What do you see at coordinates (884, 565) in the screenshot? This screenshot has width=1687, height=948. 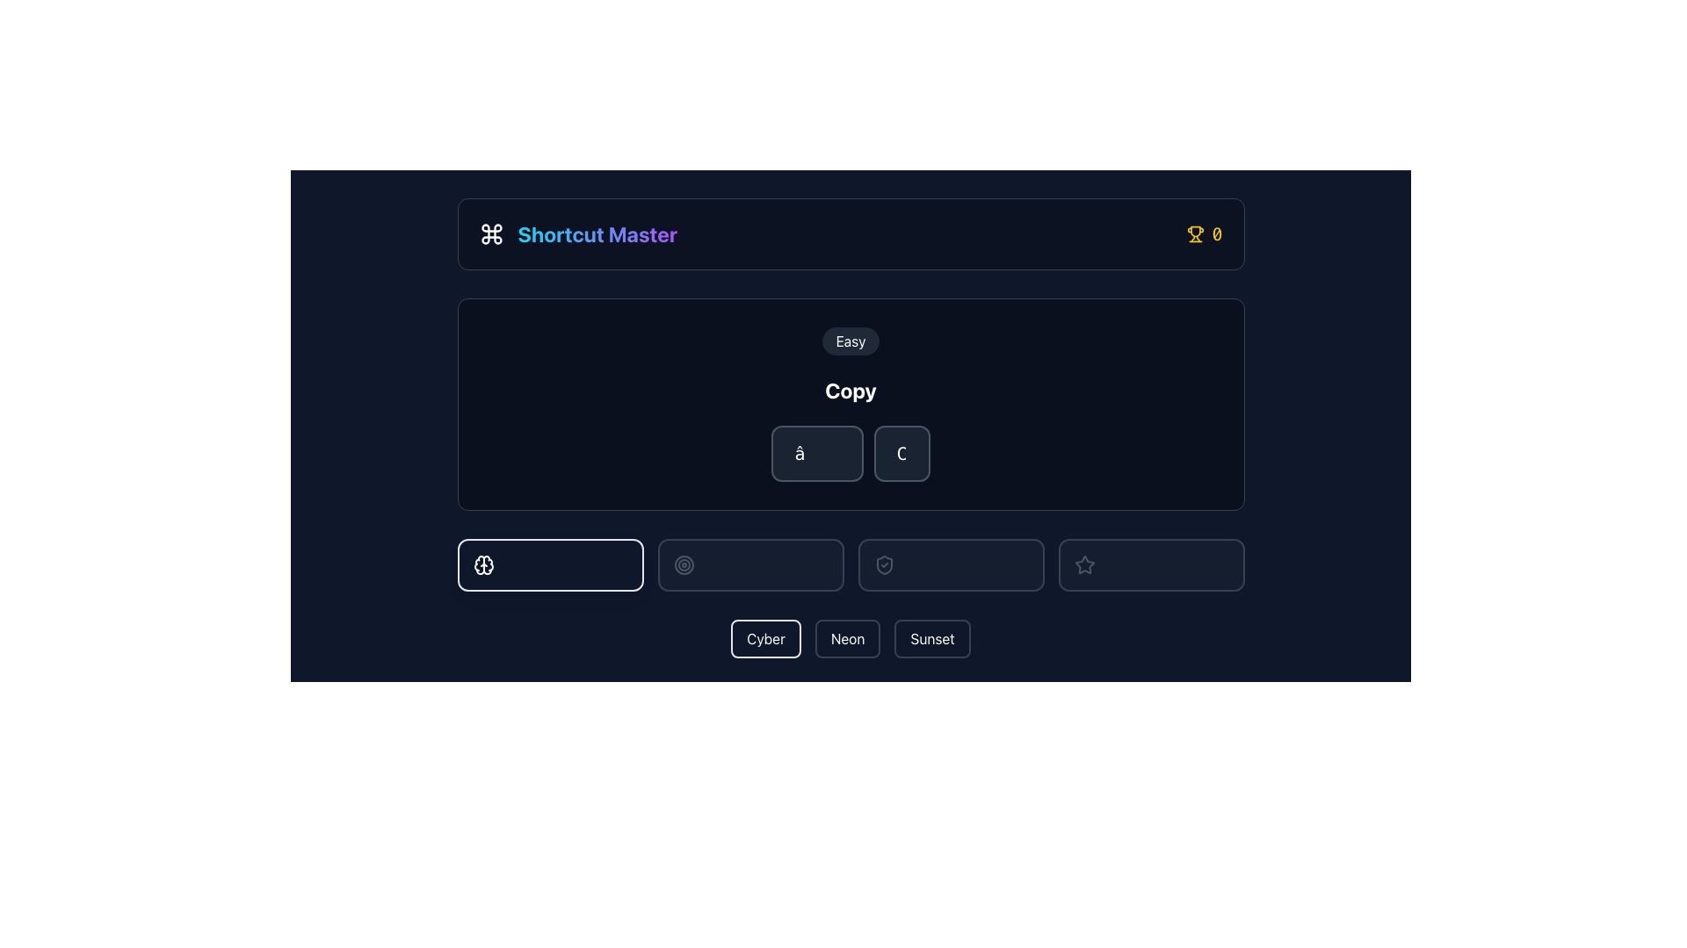 I see `the shield icon with a checkmark, which indicates a secure or verified state, located in the third position from the left among five buttons in the central panel` at bounding box center [884, 565].